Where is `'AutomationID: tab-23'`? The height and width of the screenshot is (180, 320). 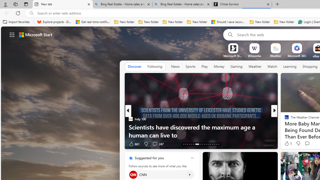 'AutomationID: tab-23' is located at coordinates (206, 144).